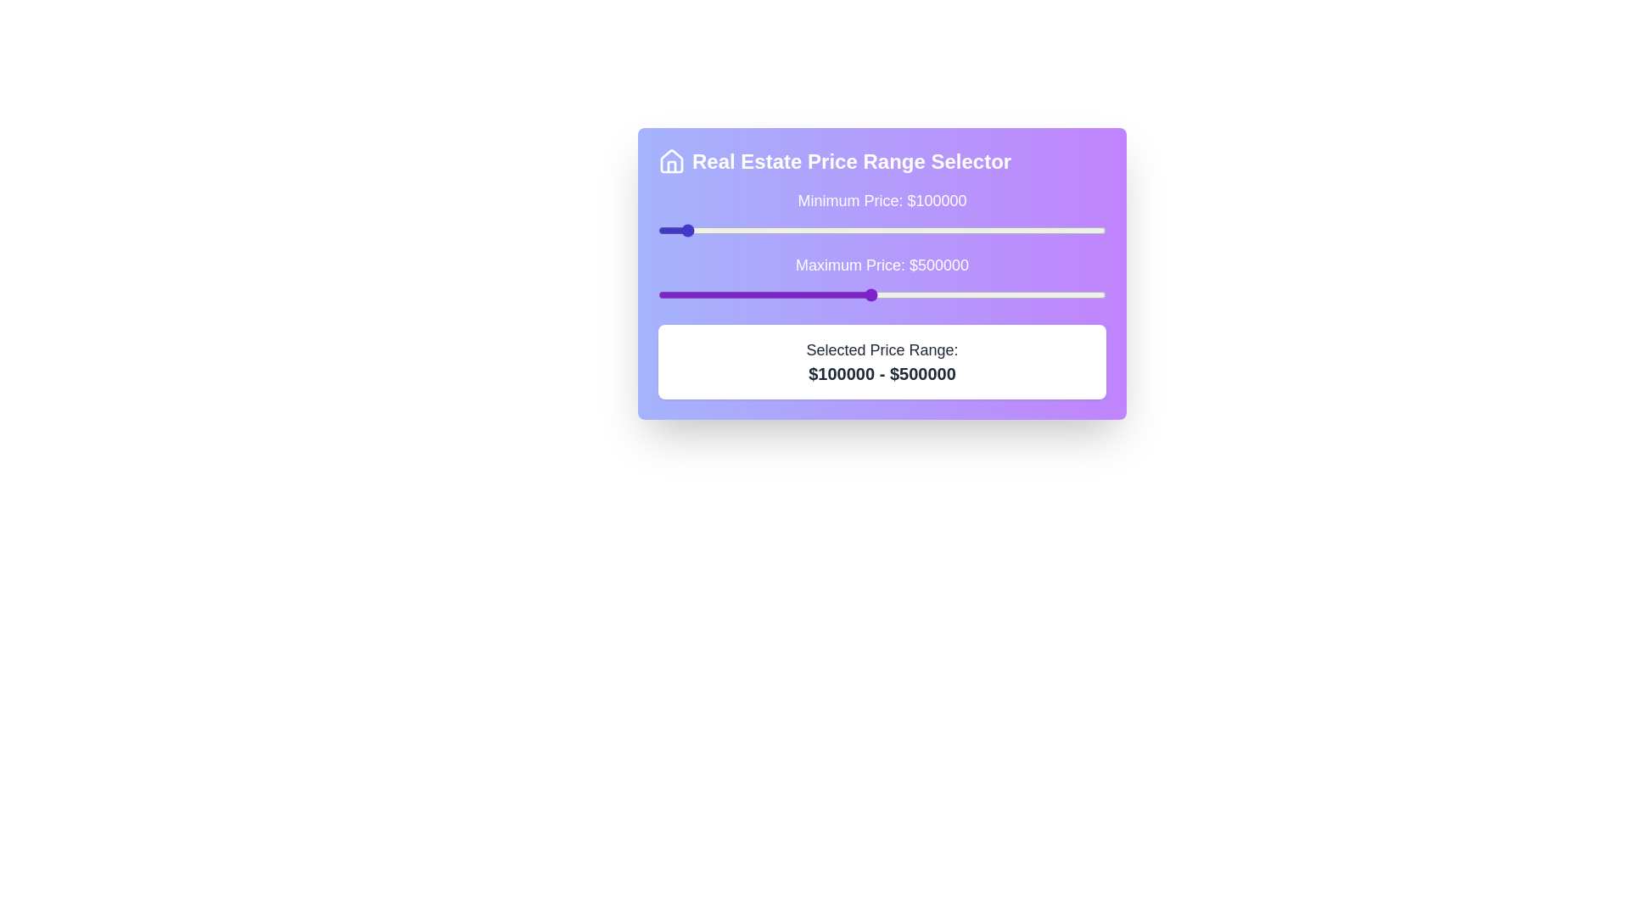 This screenshot has width=1629, height=916. Describe the element at coordinates (749, 293) in the screenshot. I see `the maximum price slider to 245493` at that location.